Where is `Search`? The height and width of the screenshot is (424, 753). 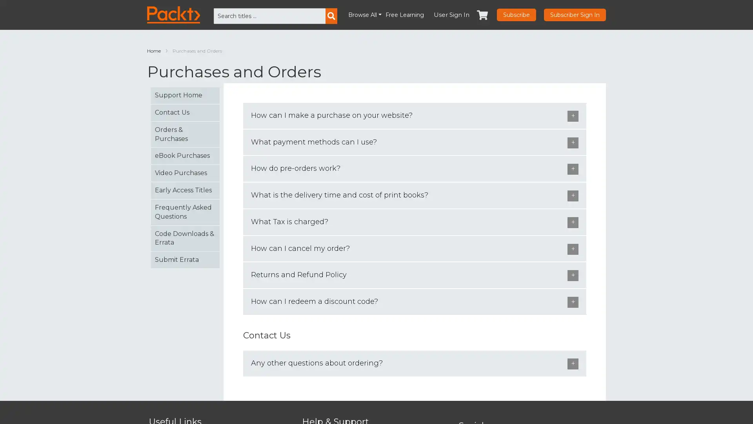
Search is located at coordinates (331, 16).